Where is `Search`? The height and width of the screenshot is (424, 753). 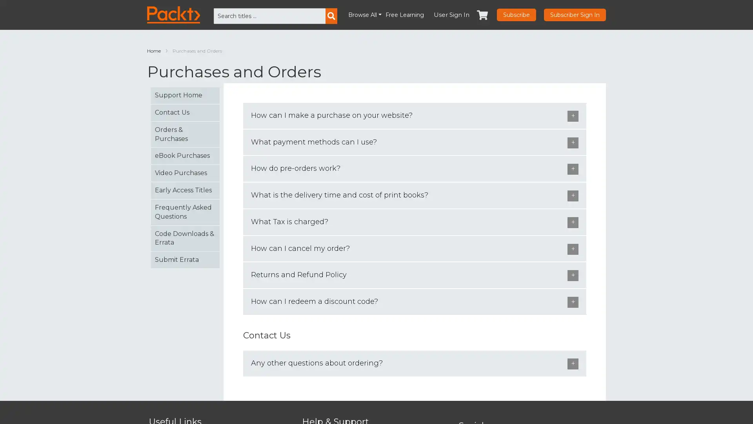
Search is located at coordinates (331, 16).